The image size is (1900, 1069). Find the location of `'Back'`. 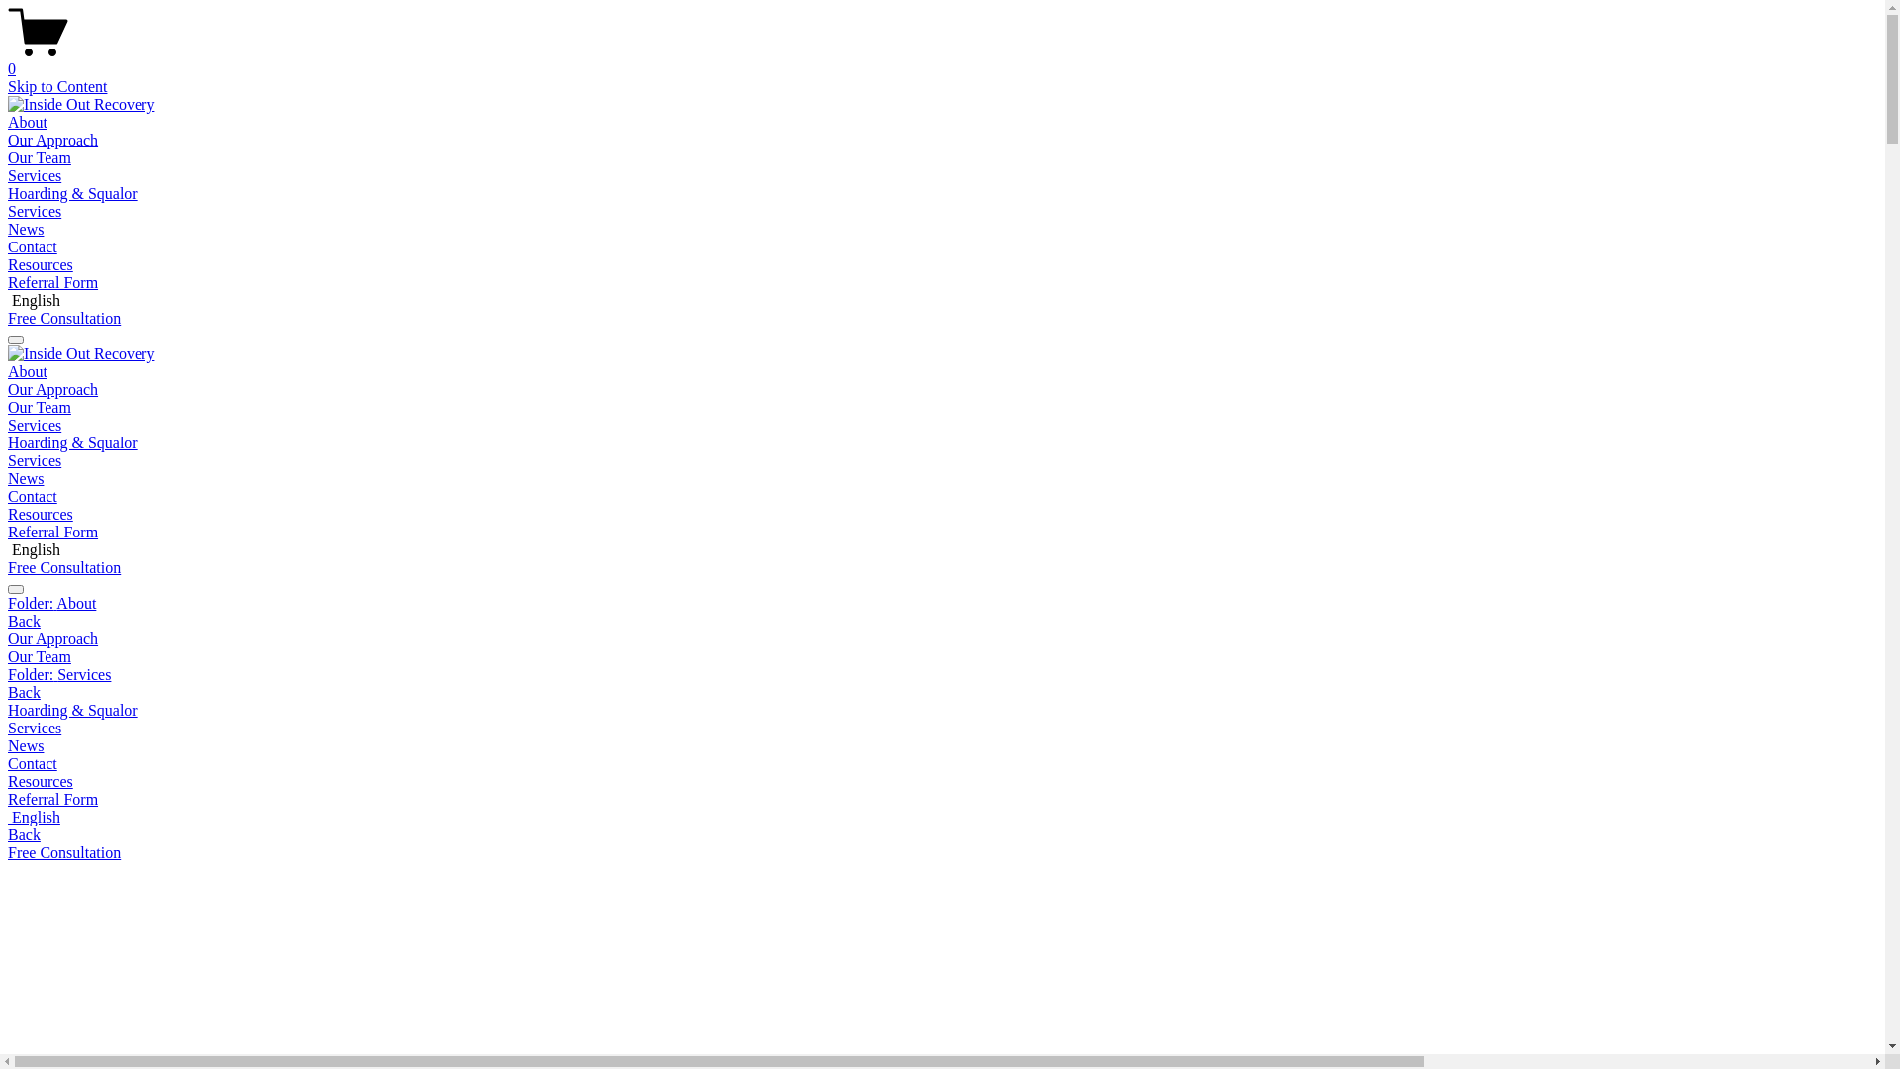

'Back' is located at coordinates (24, 834).